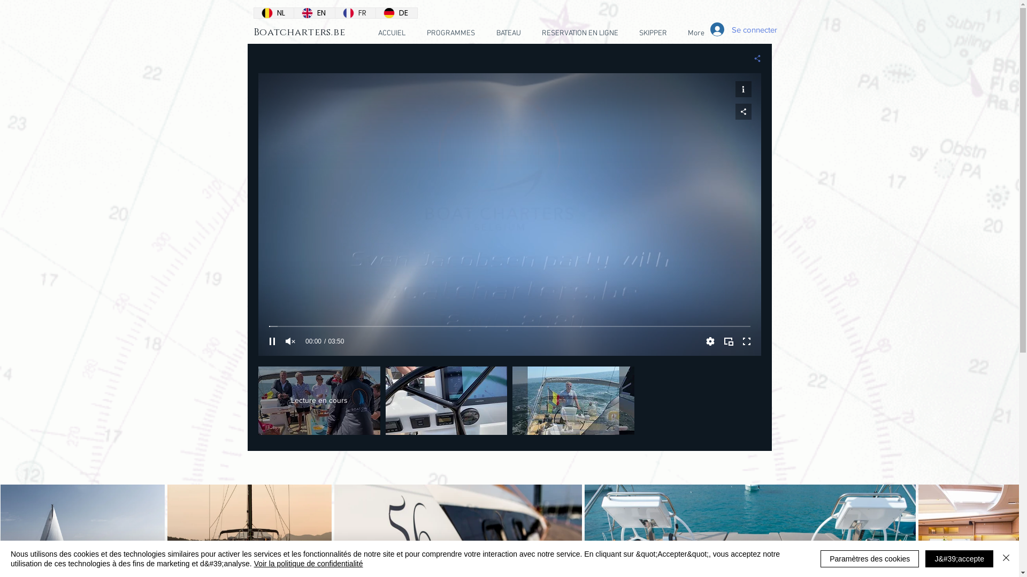  I want to click on 'NL', so click(253, 13).